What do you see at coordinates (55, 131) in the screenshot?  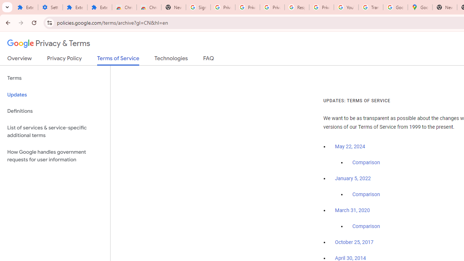 I see `'List of services & service-specific additional terms'` at bounding box center [55, 131].